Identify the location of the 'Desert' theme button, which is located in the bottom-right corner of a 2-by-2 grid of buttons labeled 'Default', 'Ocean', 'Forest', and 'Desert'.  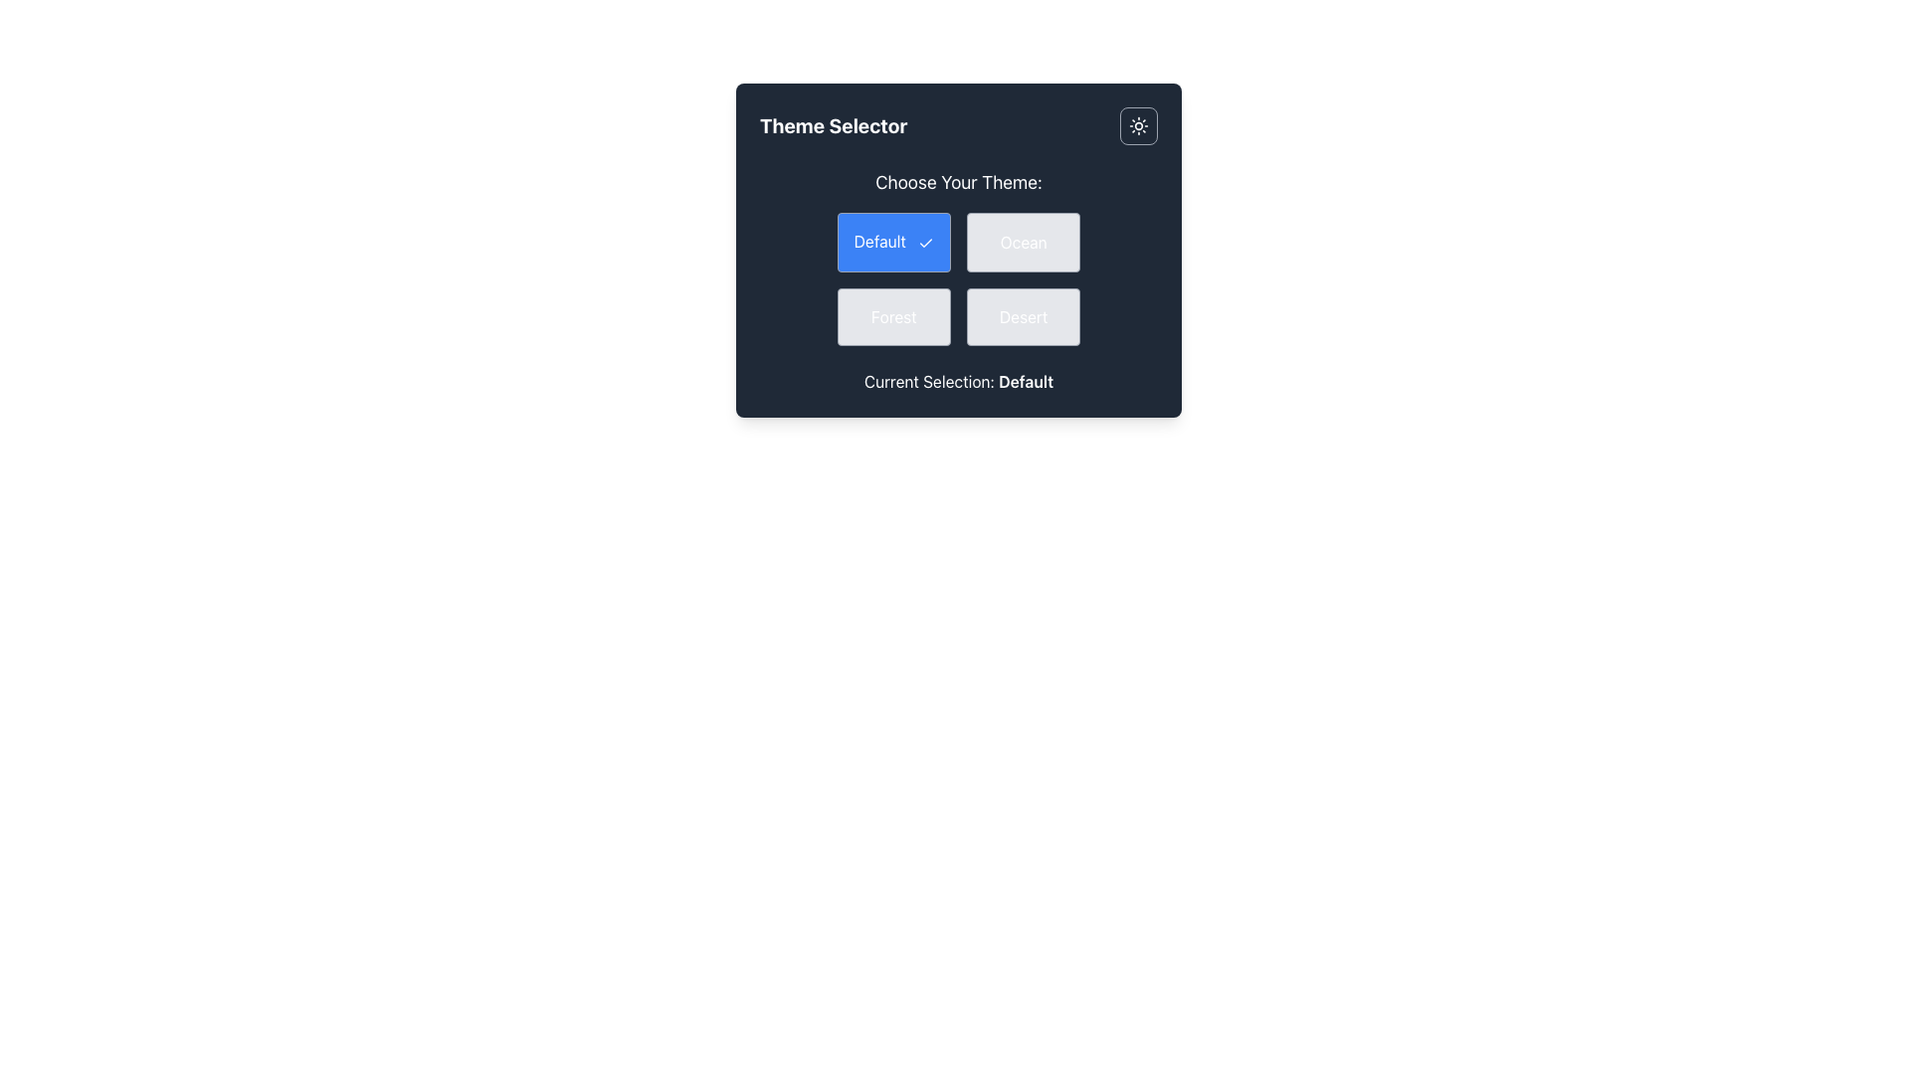
(1024, 315).